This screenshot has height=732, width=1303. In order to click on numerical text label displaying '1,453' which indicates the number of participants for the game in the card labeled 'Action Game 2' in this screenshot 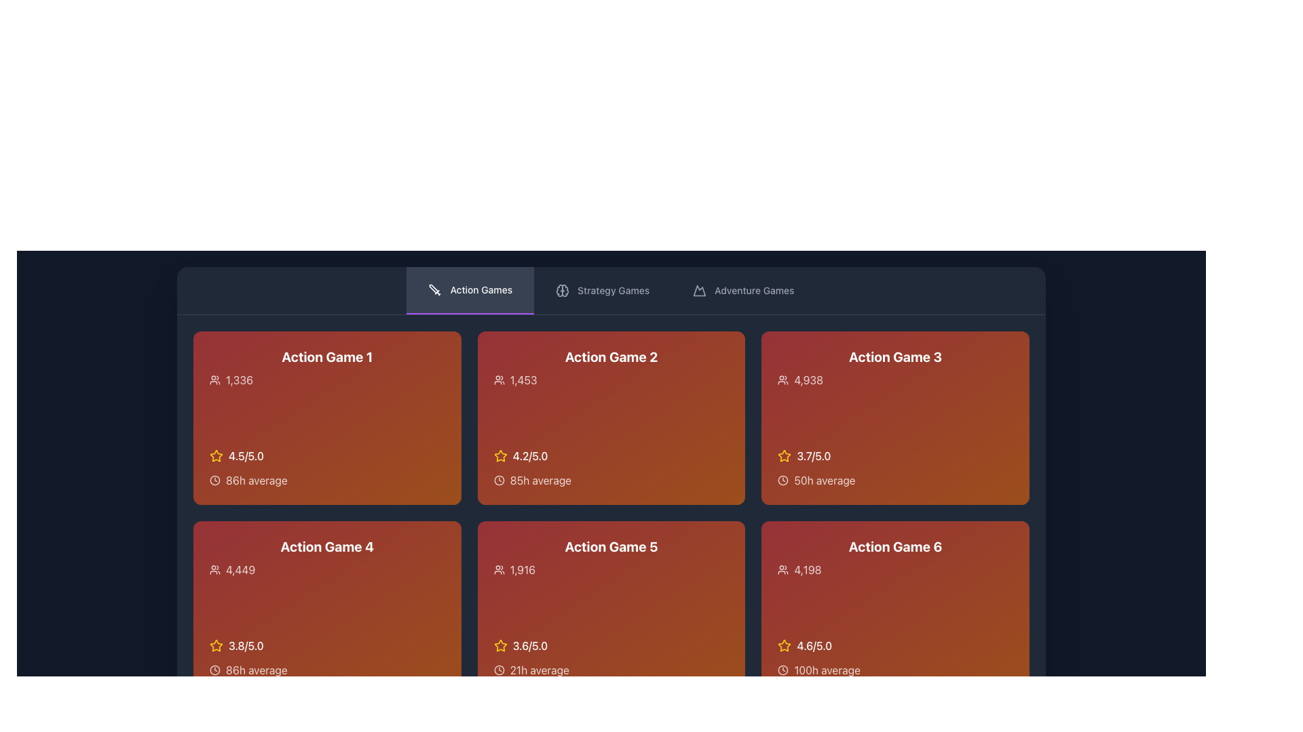, I will do `click(523, 380)`.